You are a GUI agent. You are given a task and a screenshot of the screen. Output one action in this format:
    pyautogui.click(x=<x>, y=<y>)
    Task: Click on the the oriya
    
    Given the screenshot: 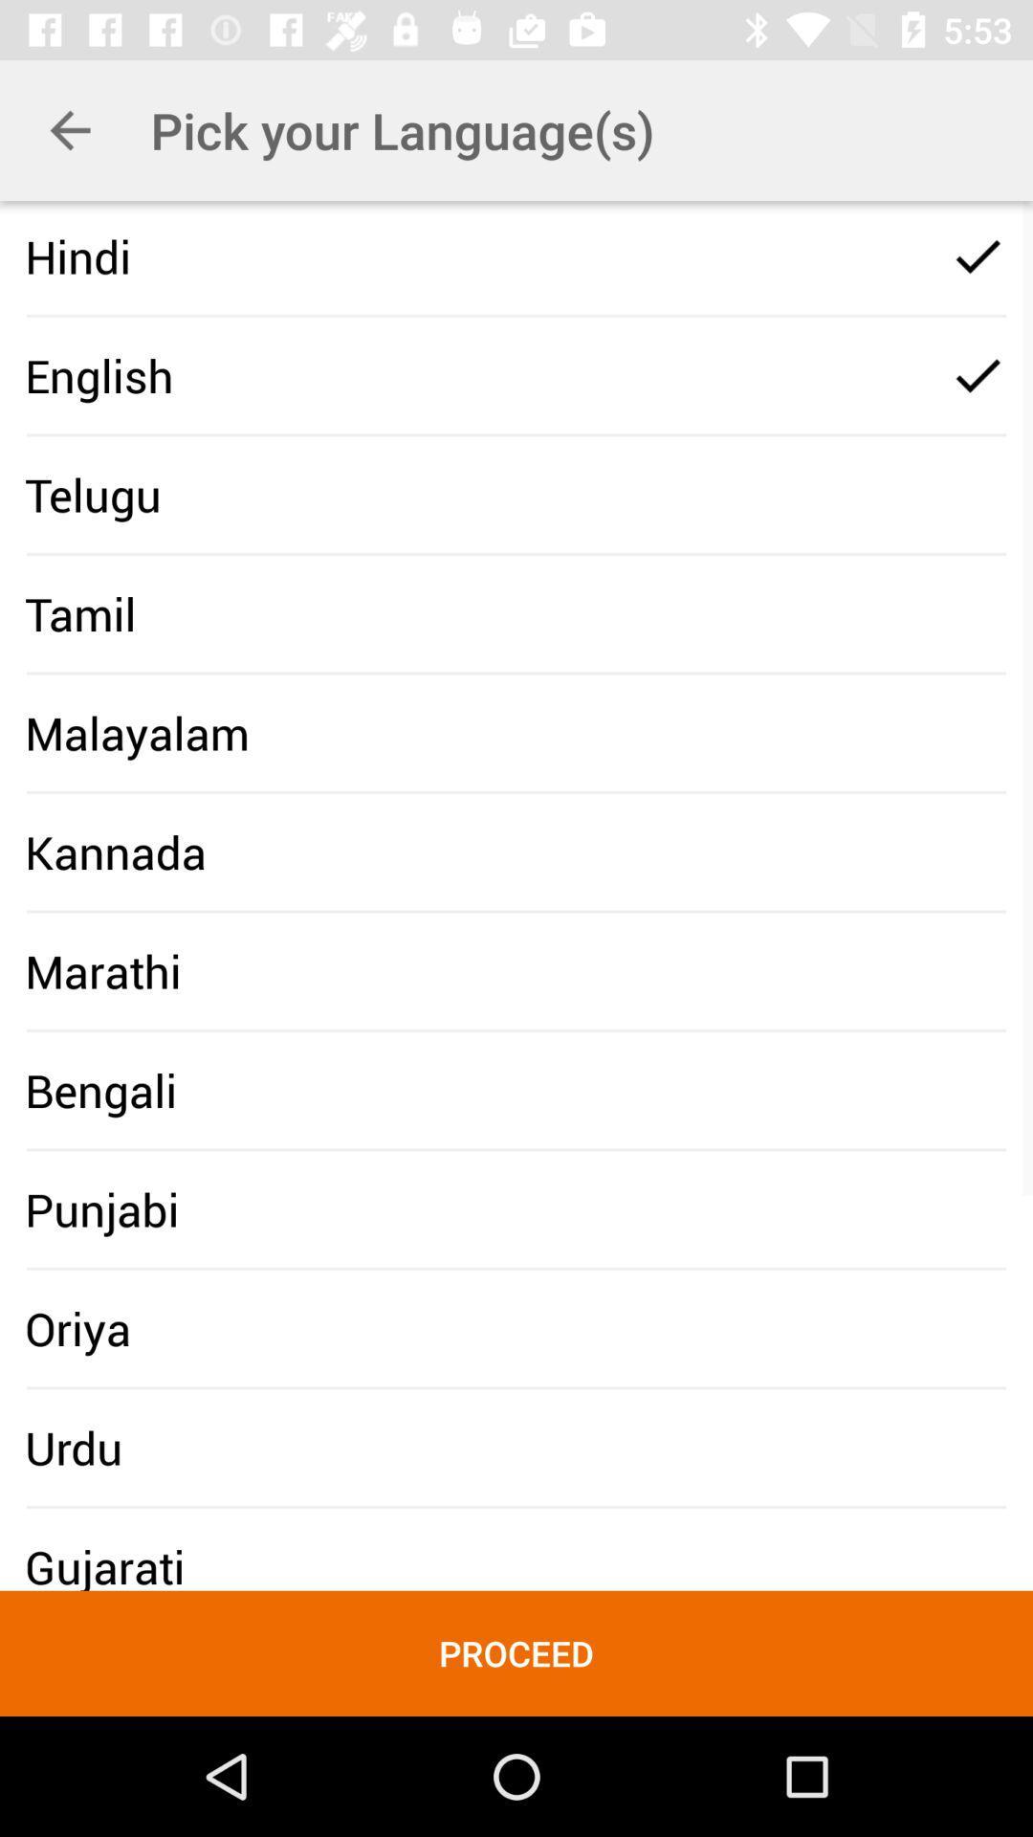 What is the action you would take?
    pyautogui.click(x=77, y=1327)
    